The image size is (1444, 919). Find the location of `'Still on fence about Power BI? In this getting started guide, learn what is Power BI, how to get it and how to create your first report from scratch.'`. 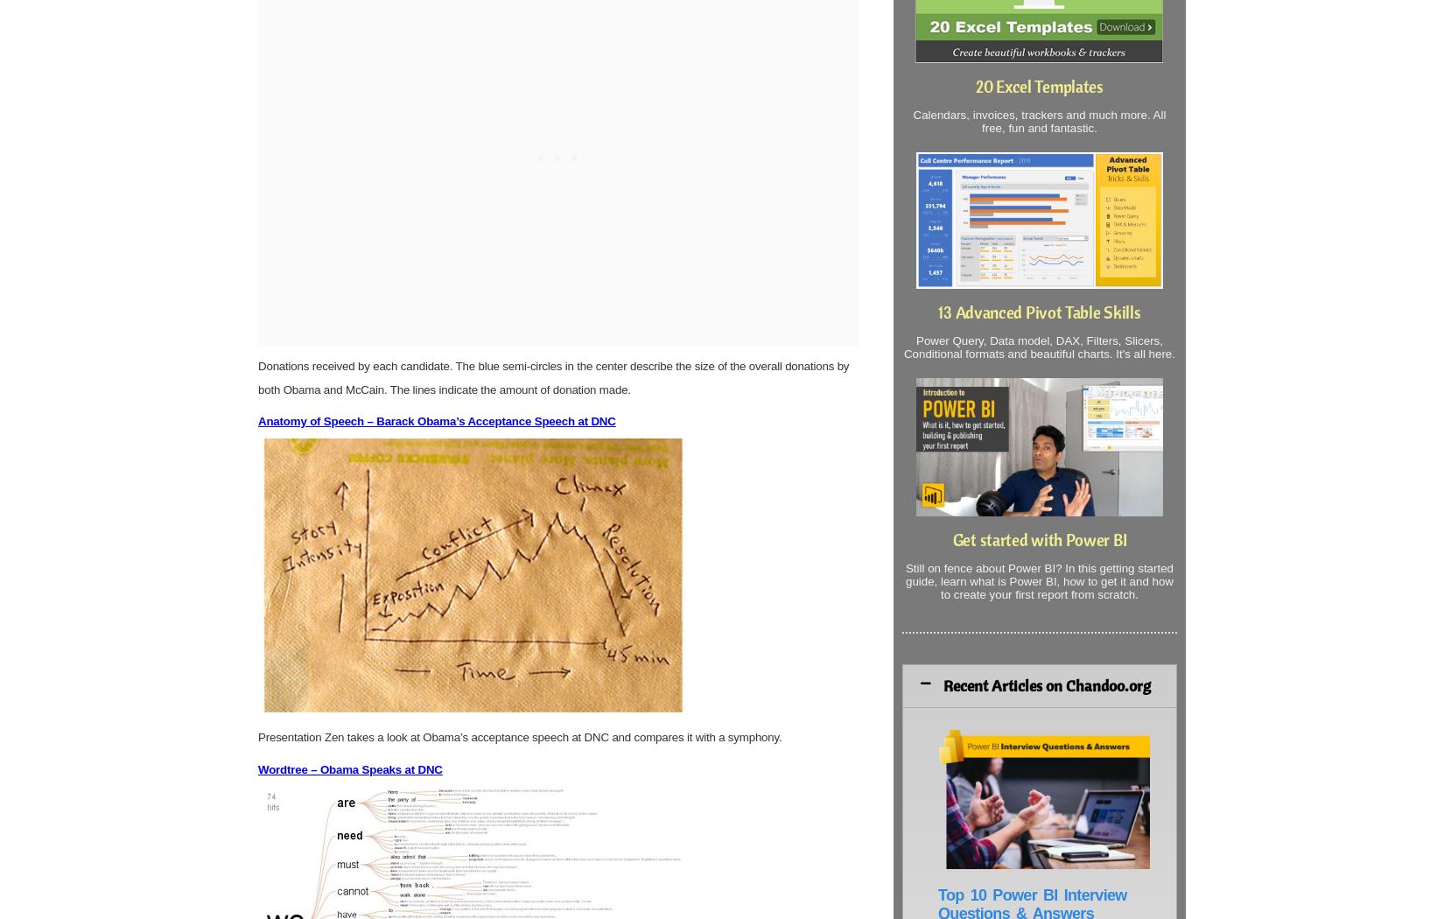

'Still on fence about Power BI? In this getting started guide, learn what is Power BI, how to get it and how to create your first report from scratch.' is located at coordinates (905, 579).